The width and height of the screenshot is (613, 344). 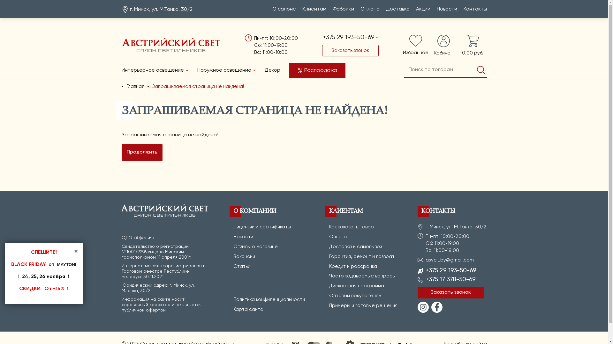 What do you see at coordinates (449, 260) in the screenshot?
I see `'asvet.by@gmail.com'` at bounding box center [449, 260].